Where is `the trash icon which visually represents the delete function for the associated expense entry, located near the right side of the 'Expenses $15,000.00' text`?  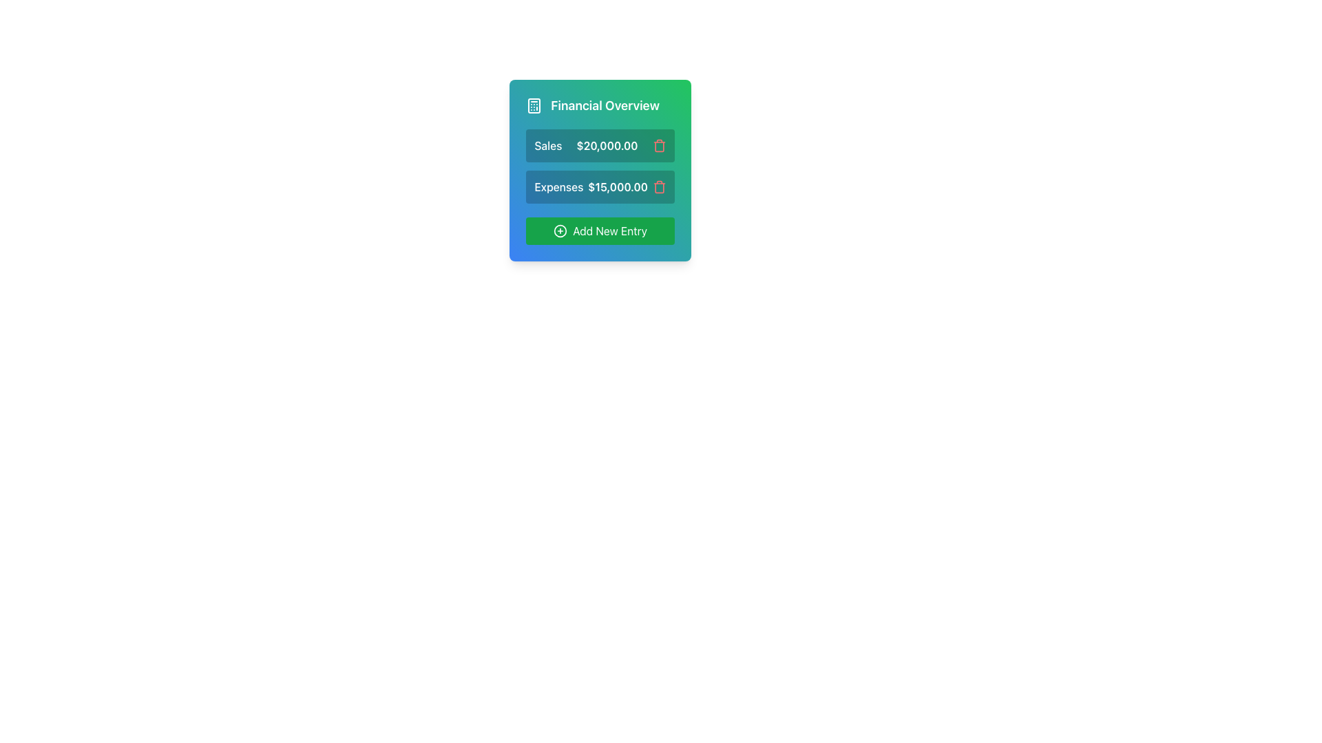
the trash icon which visually represents the delete function for the associated expense entry, located near the right side of the 'Expenses $15,000.00' text is located at coordinates (658, 188).